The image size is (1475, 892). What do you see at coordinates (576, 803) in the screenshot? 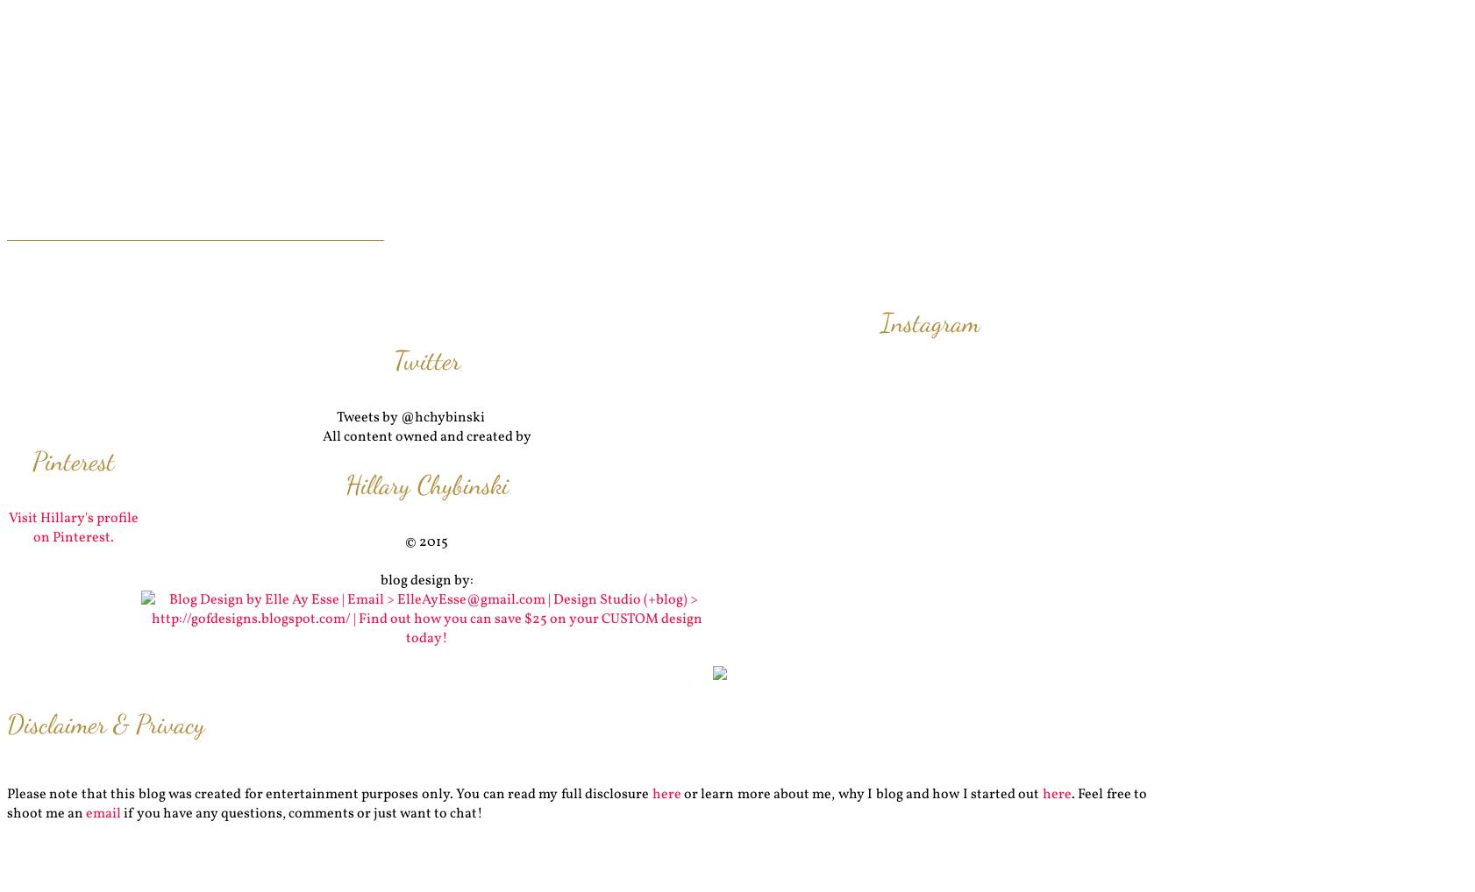
I see `'. Feel free to shoot me an'` at bounding box center [576, 803].